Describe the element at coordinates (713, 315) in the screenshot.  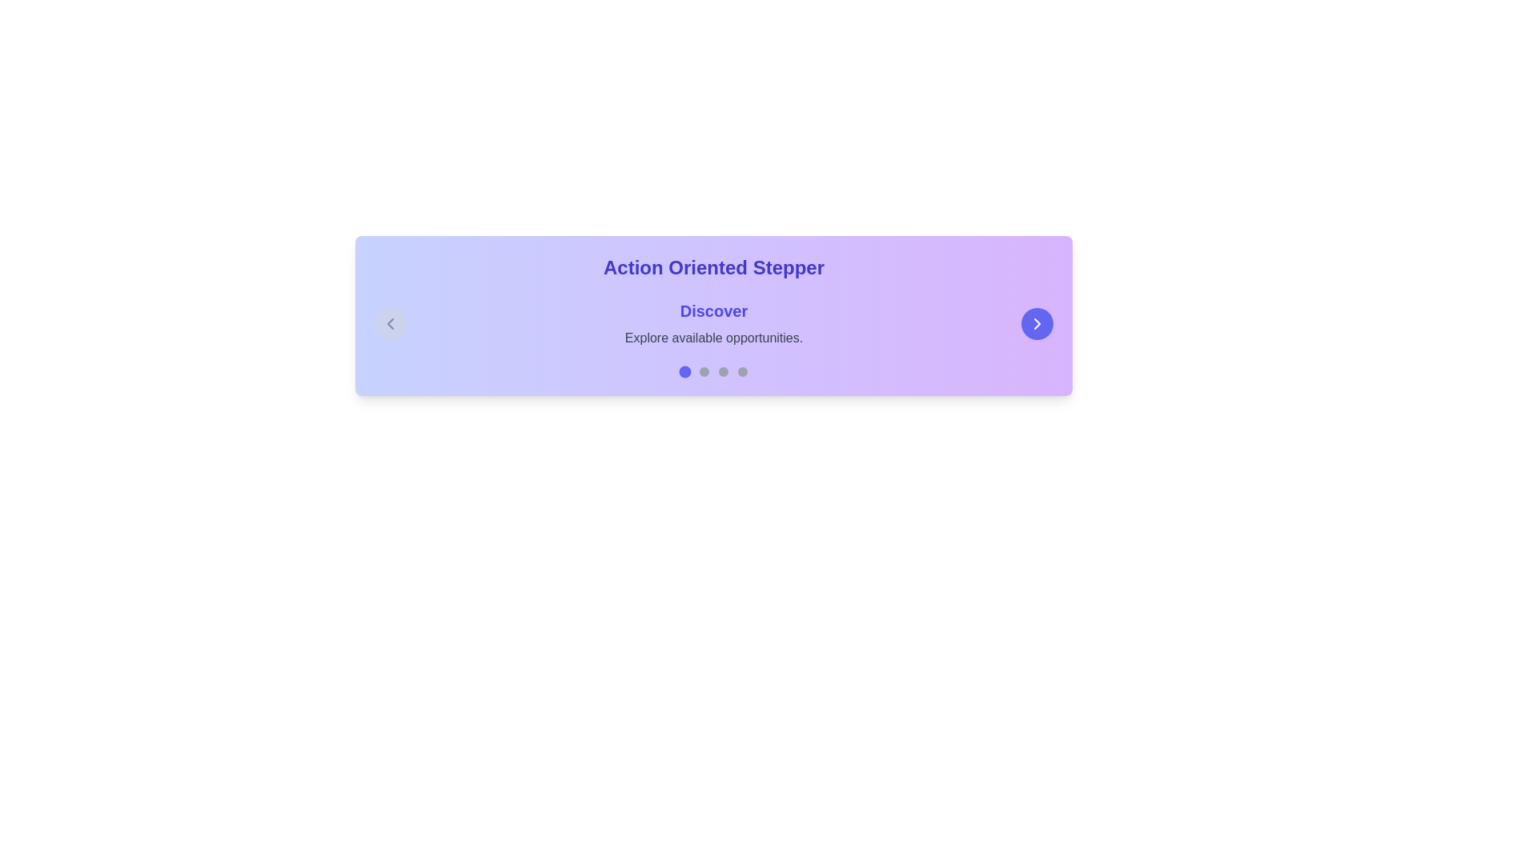
I see `the stepper or wizard component that guides users through multi-step processes, providing visual feedback and navigation between steps` at that location.